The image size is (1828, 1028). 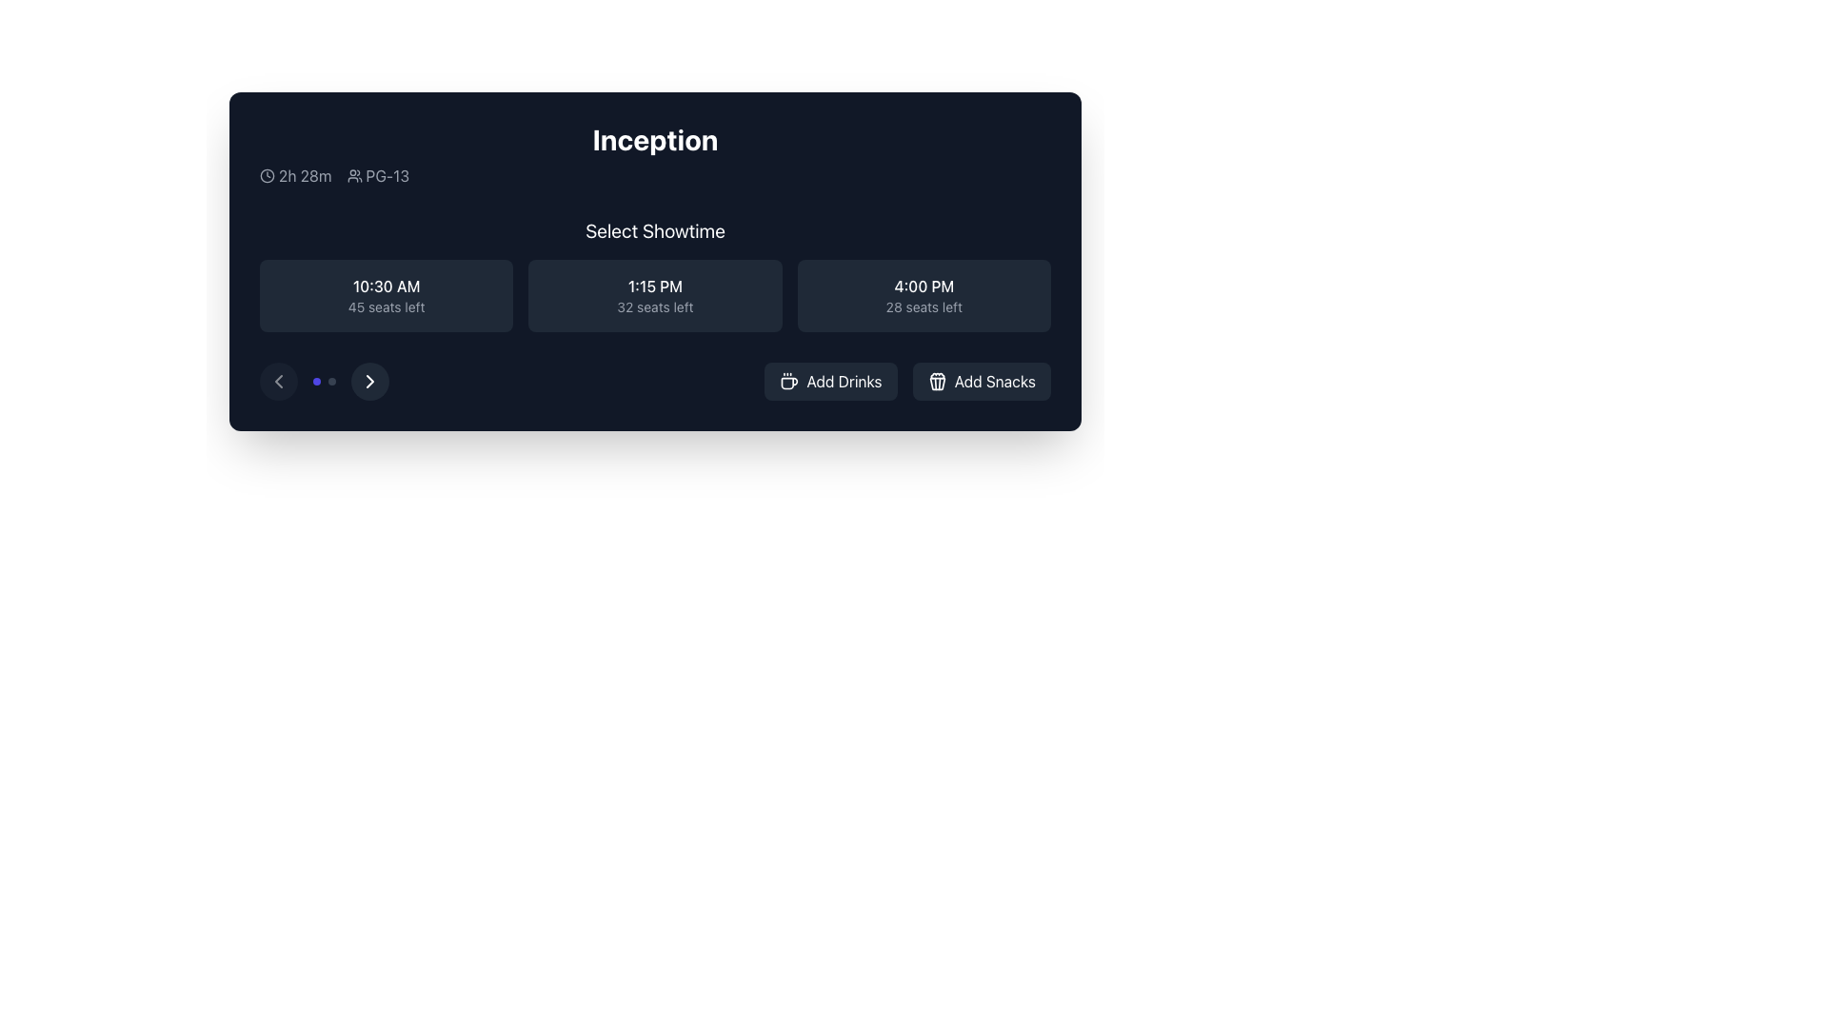 What do you see at coordinates (277, 382) in the screenshot?
I see `the left arrow Navigation icon located at the bottom left corner of the user interface section` at bounding box center [277, 382].